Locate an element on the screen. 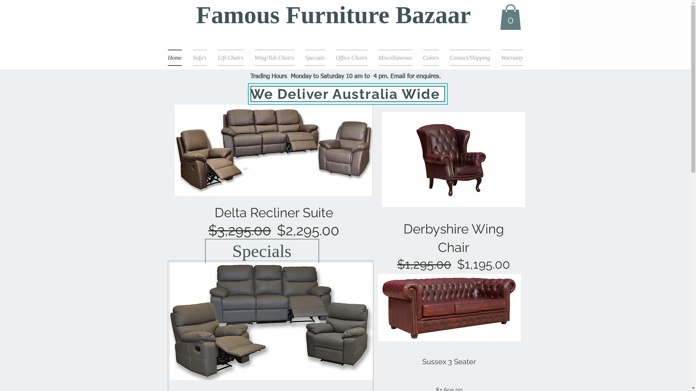 This screenshot has width=696, height=391. 'Home' is located at coordinates (177, 57).